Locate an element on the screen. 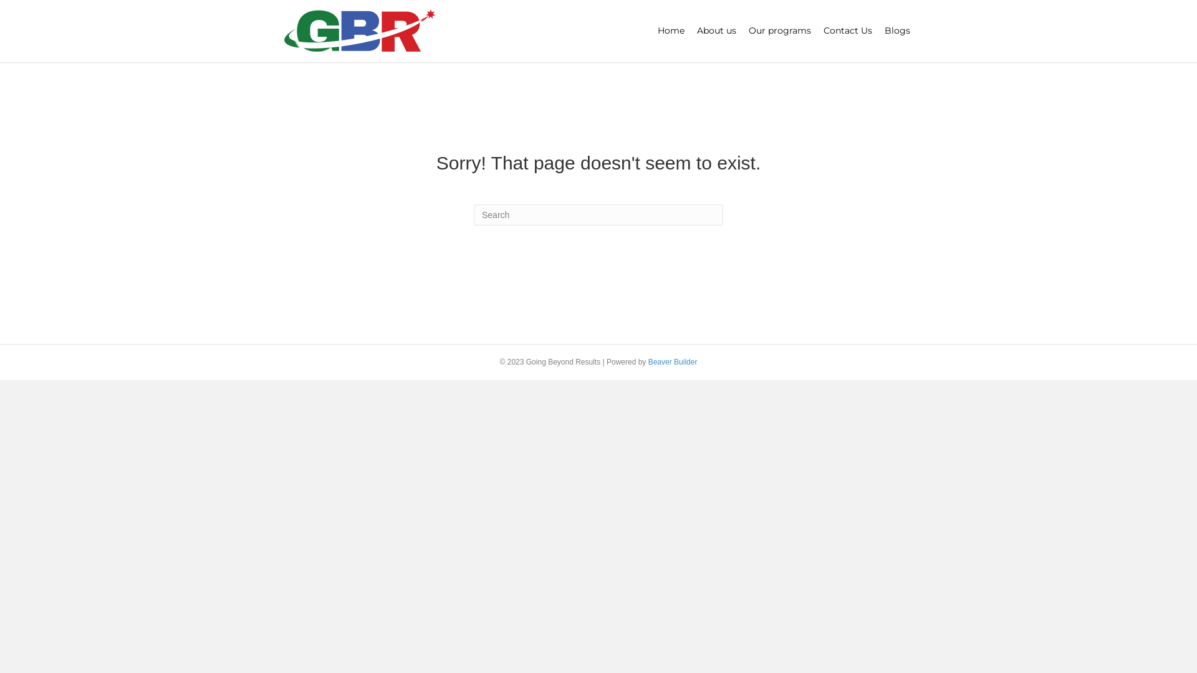 This screenshot has width=1197, height=673. 'About us' is located at coordinates (716, 31).